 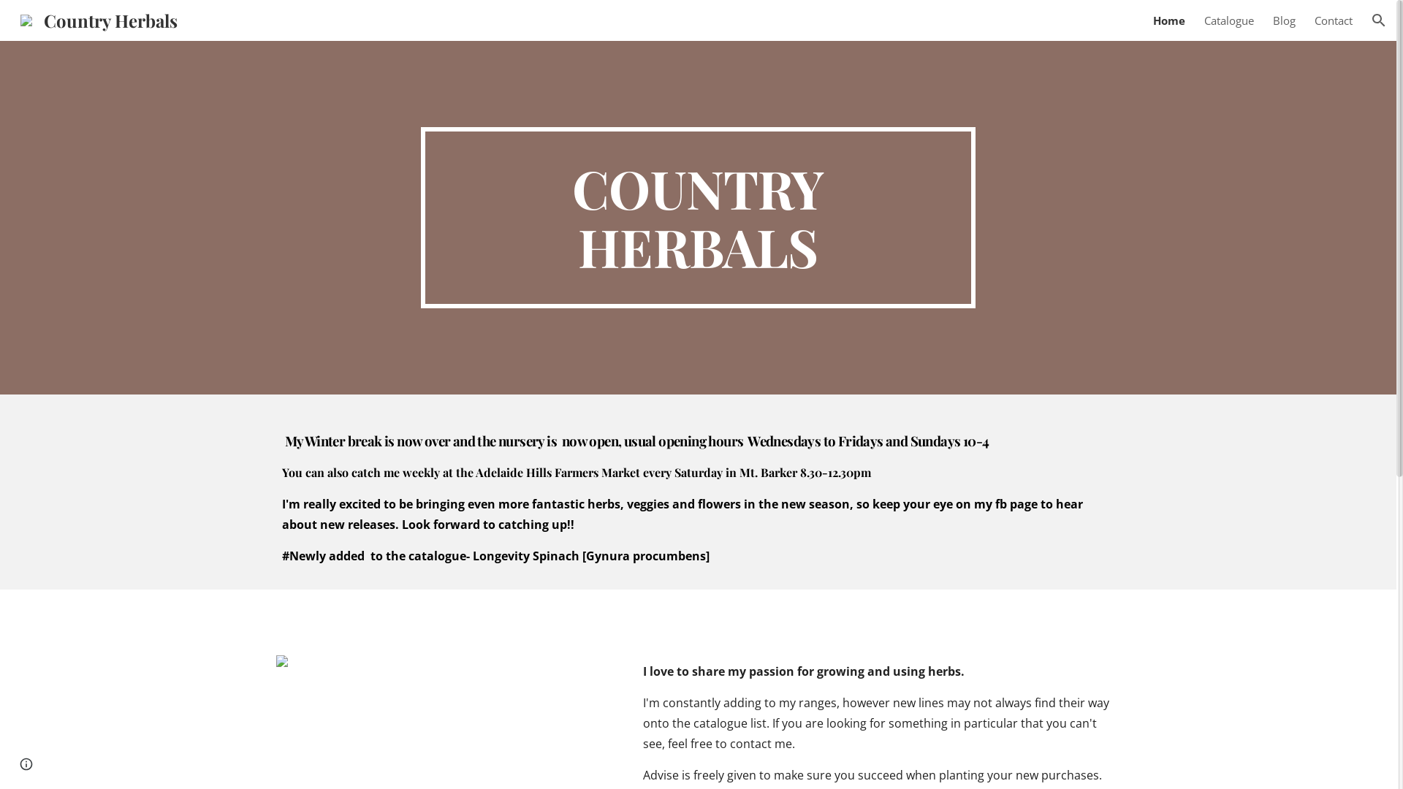 What do you see at coordinates (1283, 20) in the screenshot?
I see `'Blog'` at bounding box center [1283, 20].